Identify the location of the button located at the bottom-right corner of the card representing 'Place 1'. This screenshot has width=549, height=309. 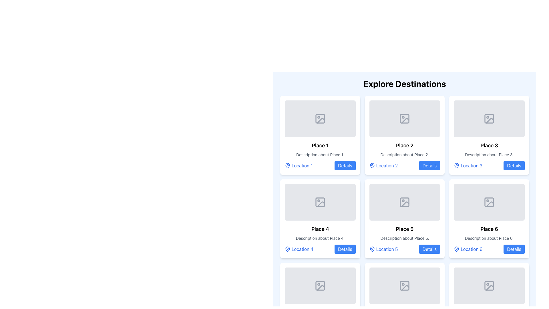
(345, 165).